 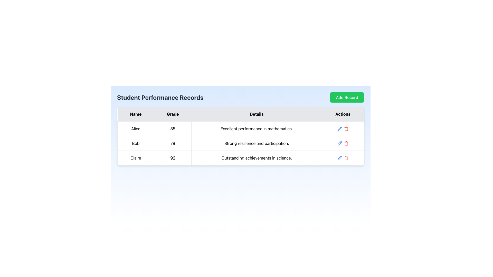 What do you see at coordinates (173, 114) in the screenshot?
I see `the header label that indicates grade-related data, positioned between the 'Name' and 'Details' headers in the table layout` at bounding box center [173, 114].